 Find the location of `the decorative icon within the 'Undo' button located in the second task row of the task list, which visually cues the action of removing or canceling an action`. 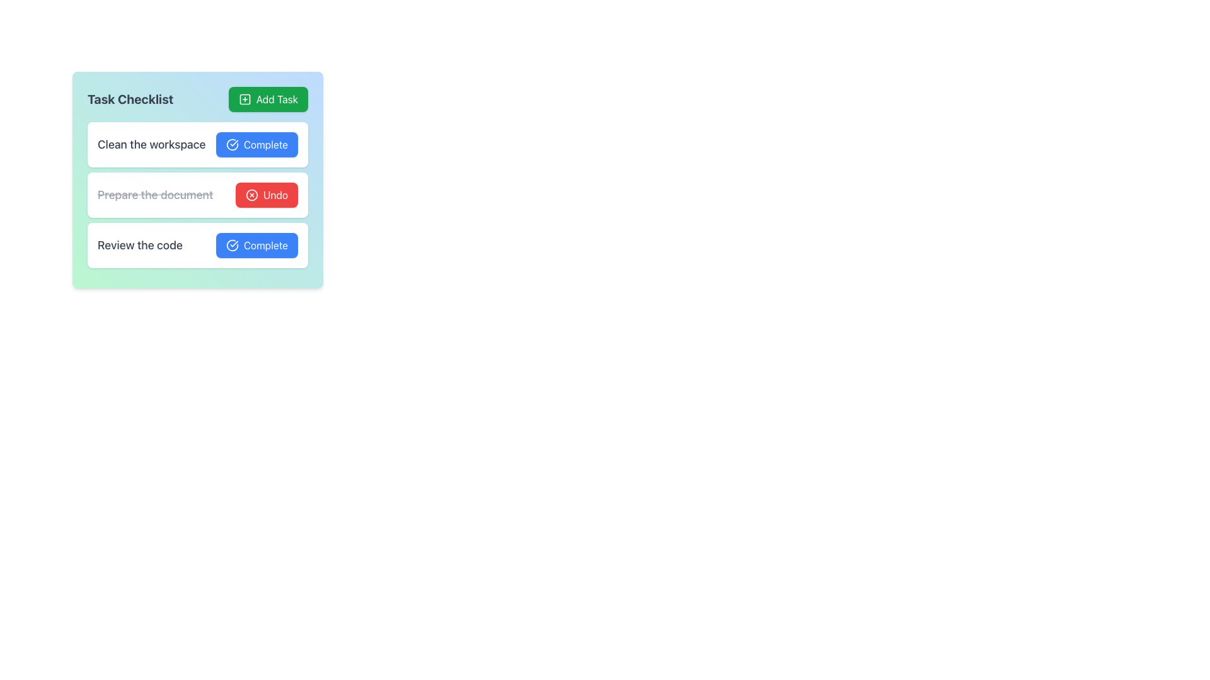

the decorative icon within the 'Undo' button located in the second task row of the task list, which visually cues the action of removing or canceling an action is located at coordinates (251, 195).